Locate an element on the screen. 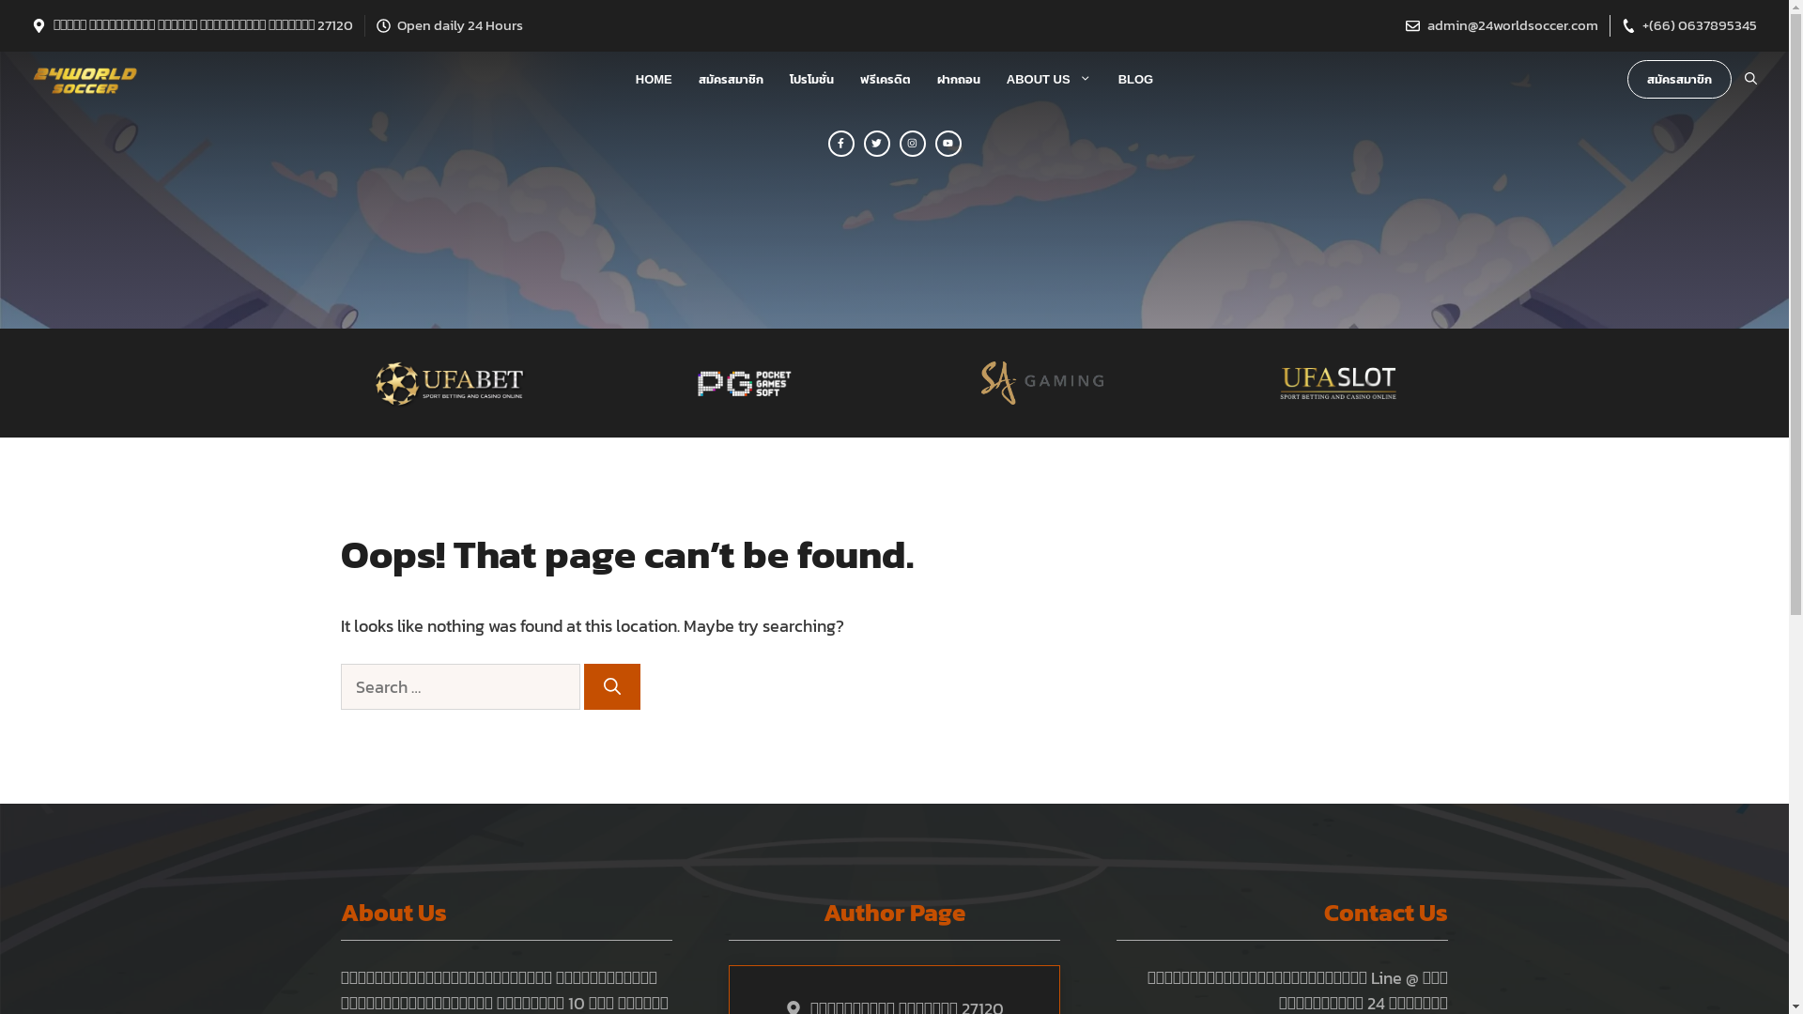 This screenshot has width=1803, height=1014. 'BLOG' is located at coordinates (1134, 78).